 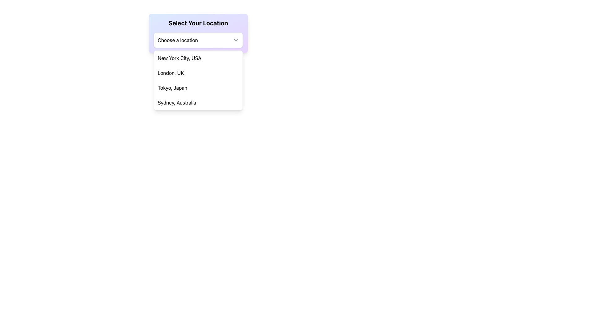 What do you see at coordinates (198, 72) in the screenshot?
I see `to select the list item 'London, UK' from the dropdown menu labeled 'Select Your Location'` at bounding box center [198, 72].